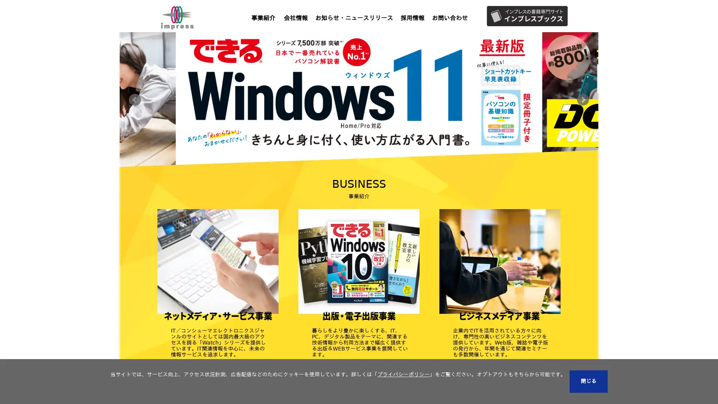  I want to click on a 3, so click(359, 173).